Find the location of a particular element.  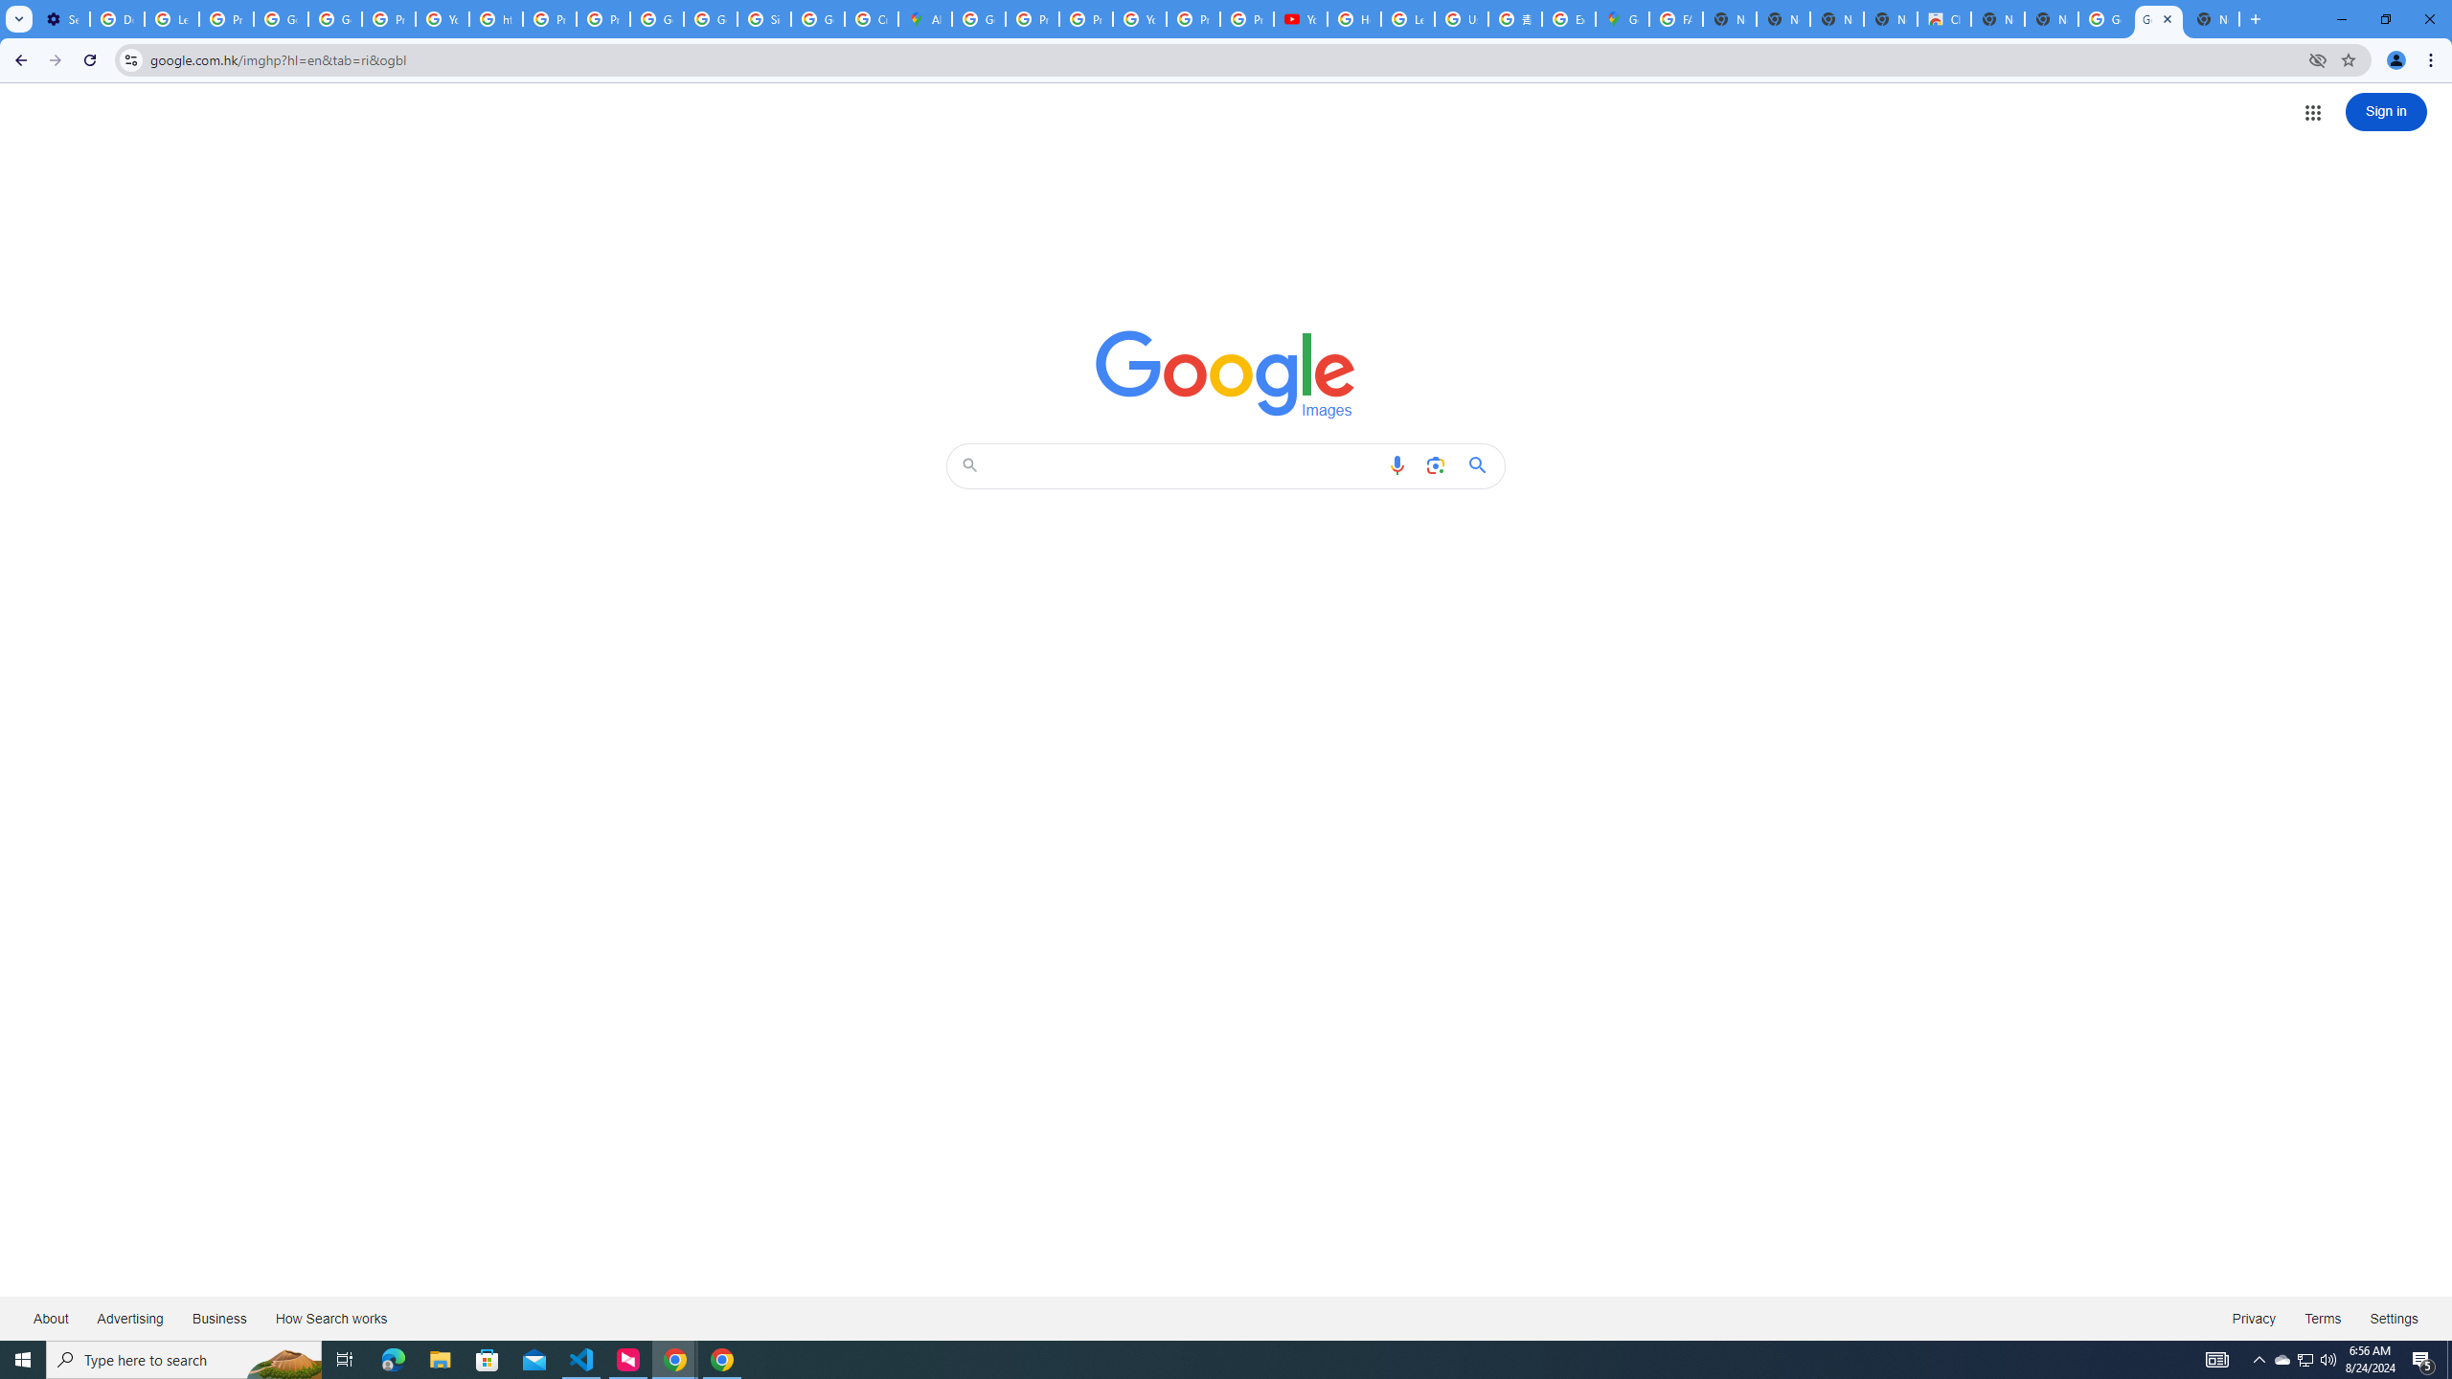

'Privacy Checkup' is located at coordinates (1245, 18).